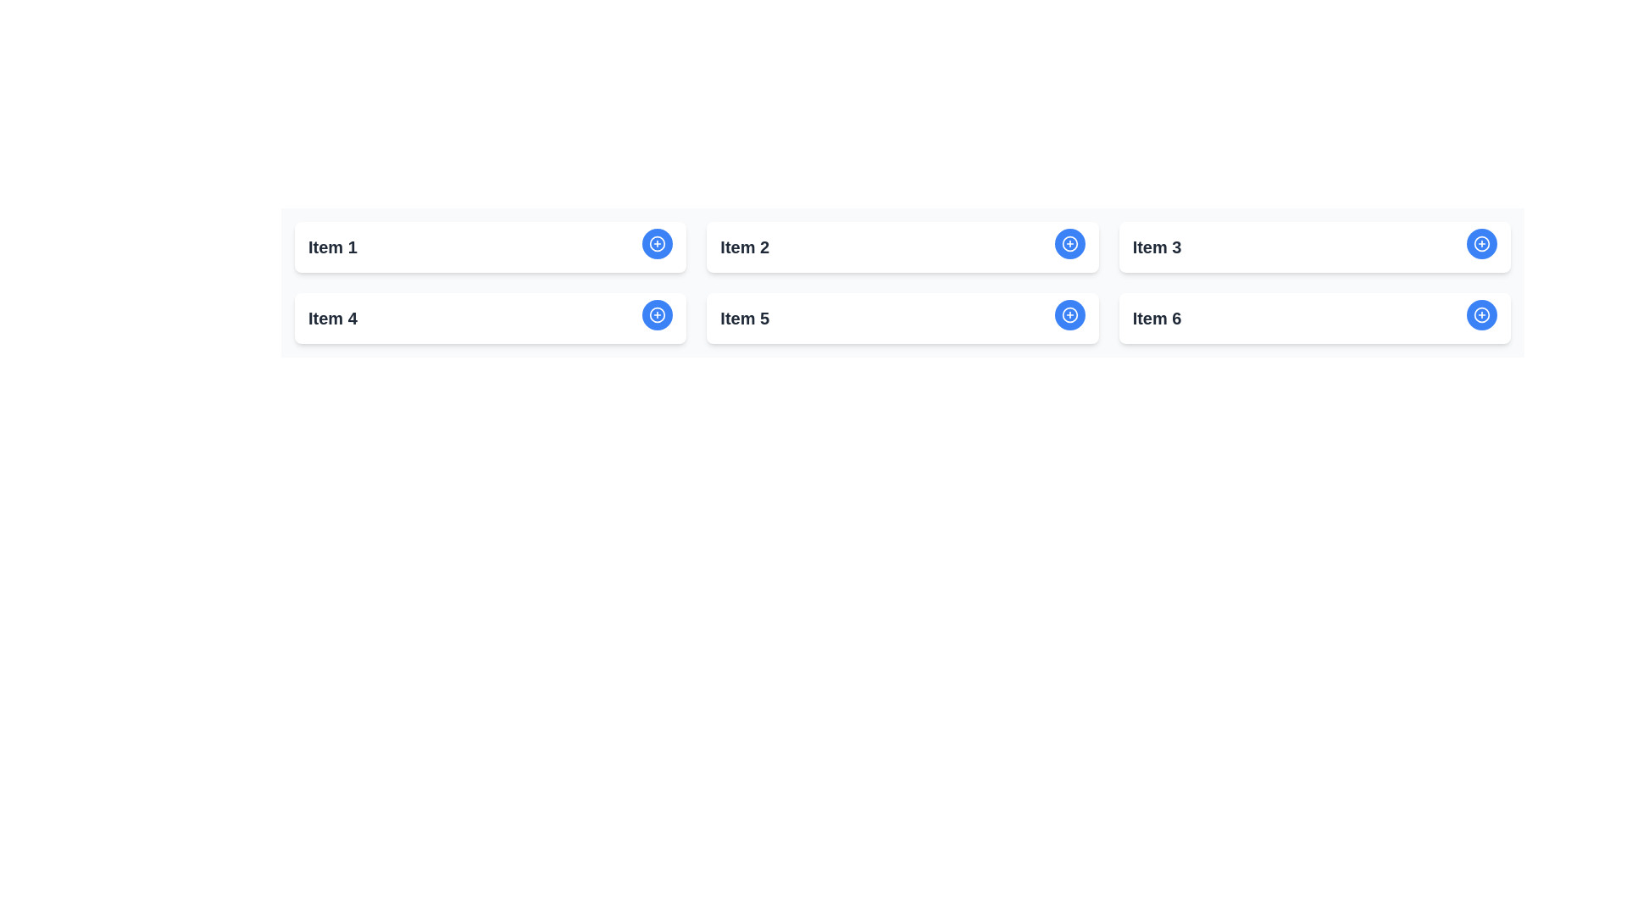 This screenshot has width=1627, height=915. I want to click on the plus sign icon within a rounded blue button located to the far right of the second row, adjacent to 'Item 4', so click(657, 314).